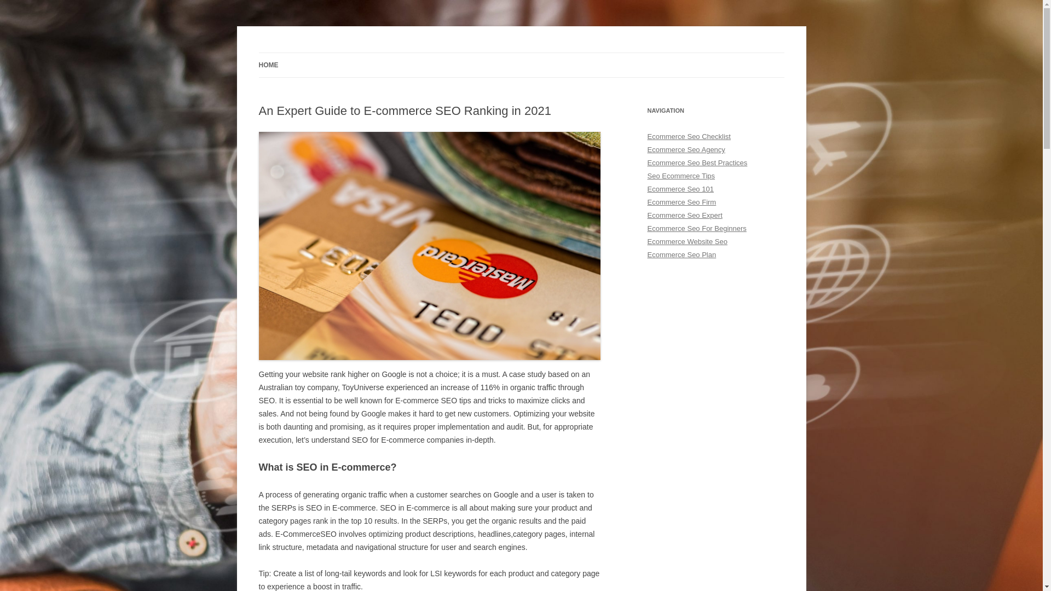 The image size is (1051, 591). I want to click on 'Ecommerce Seo Expert', so click(684, 215).